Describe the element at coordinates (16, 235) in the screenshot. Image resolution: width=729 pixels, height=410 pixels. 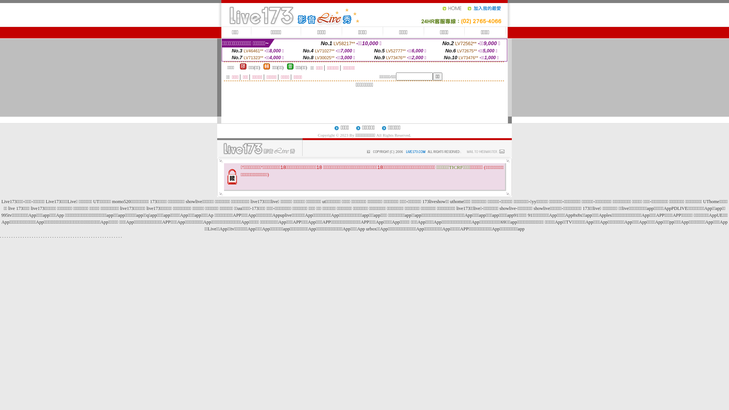
I see `'.'` at that location.